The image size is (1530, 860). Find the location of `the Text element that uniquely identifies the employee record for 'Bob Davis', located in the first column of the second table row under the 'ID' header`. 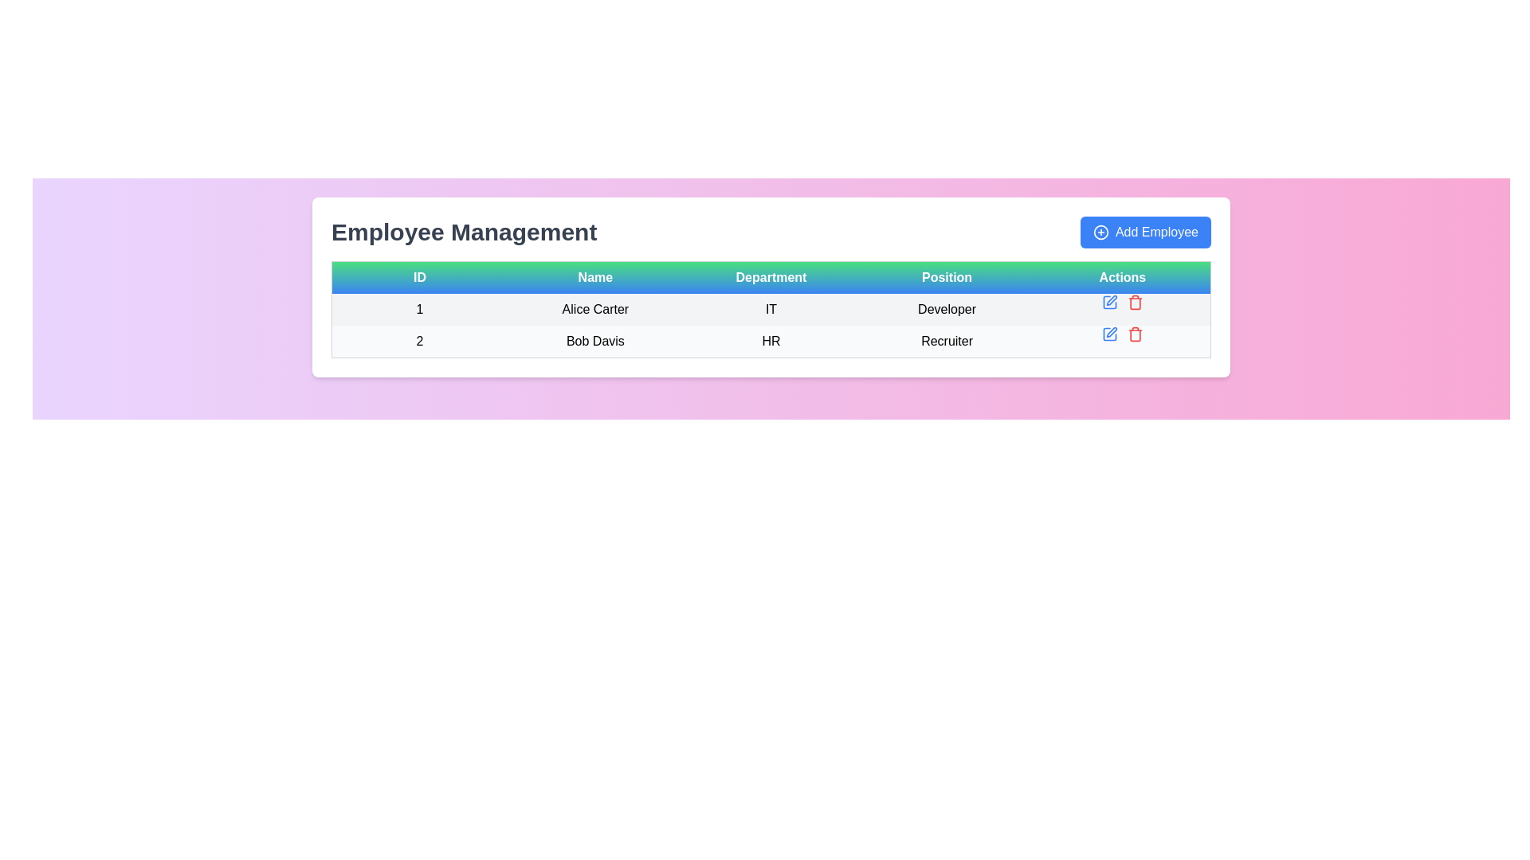

the Text element that uniquely identifies the employee record for 'Bob Davis', located in the first column of the second table row under the 'ID' header is located at coordinates (419, 341).